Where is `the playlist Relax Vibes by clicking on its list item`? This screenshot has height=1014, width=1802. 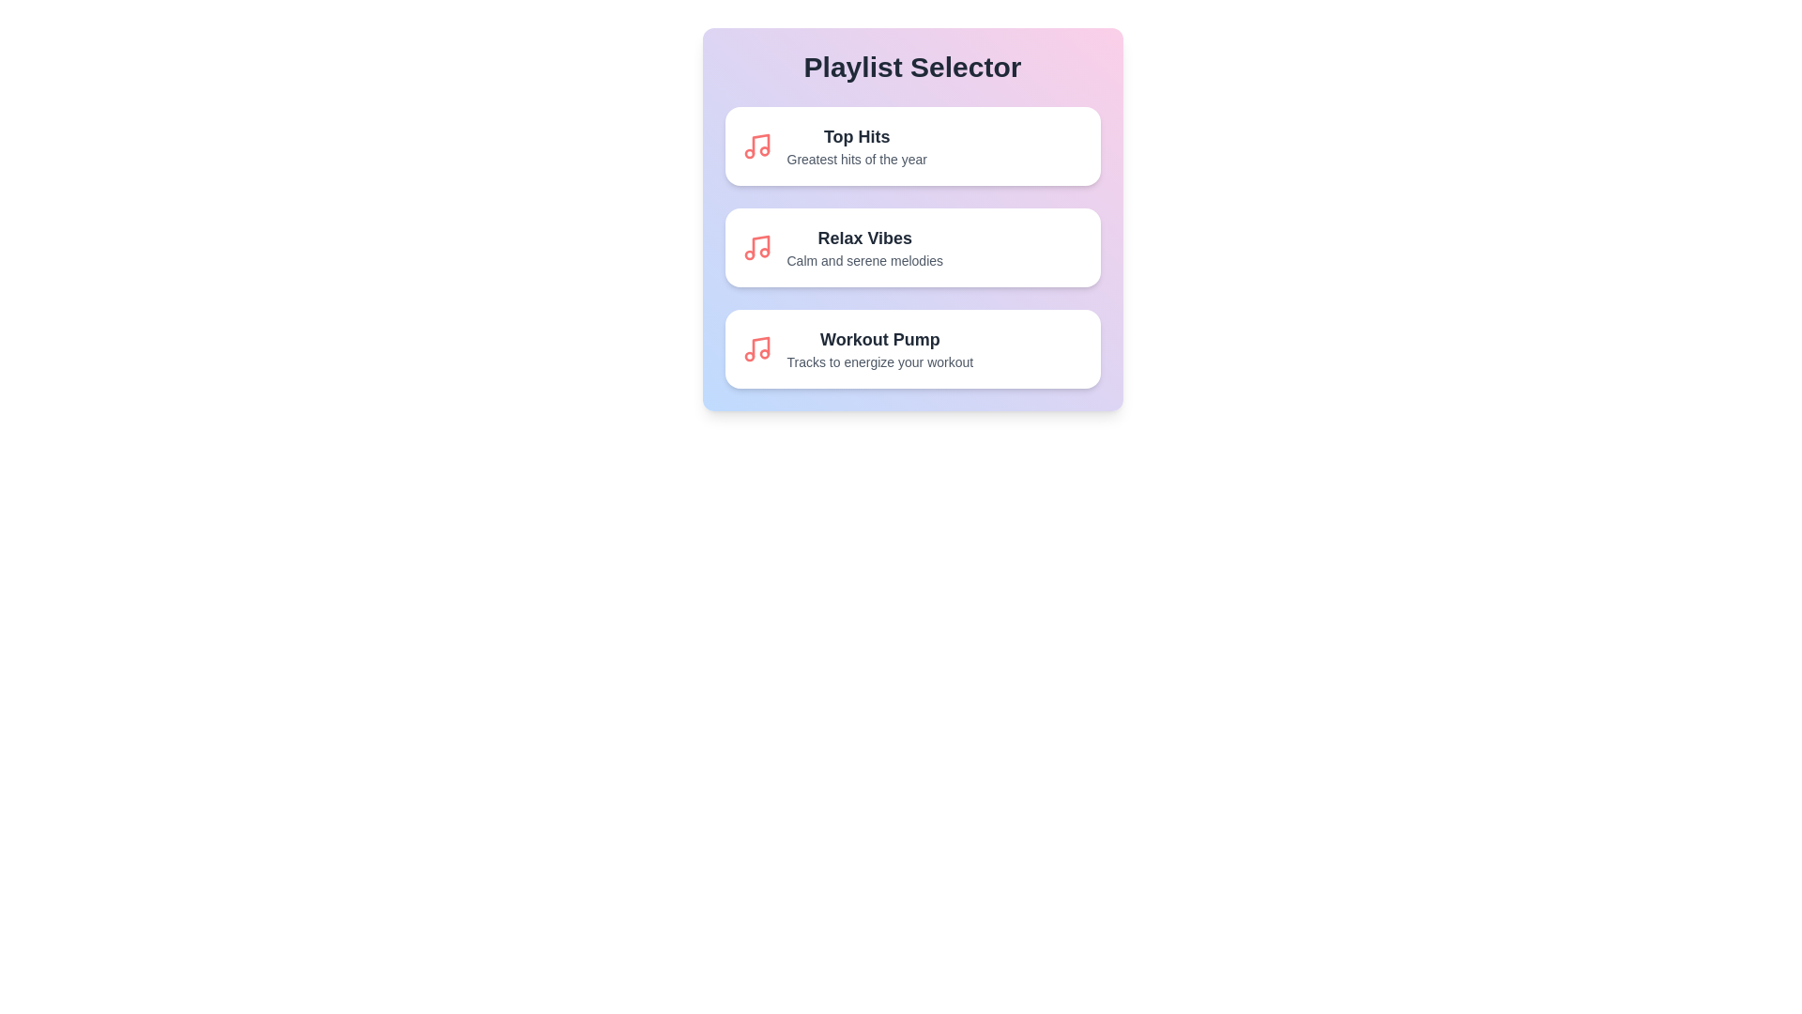
the playlist Relax Vibes by clicking on its list item is located at coordinates (912, 246).